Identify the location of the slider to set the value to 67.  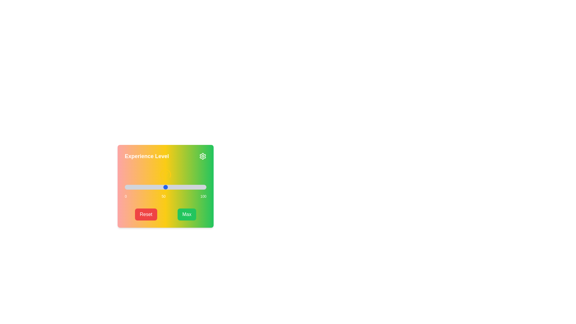
(179, 187).